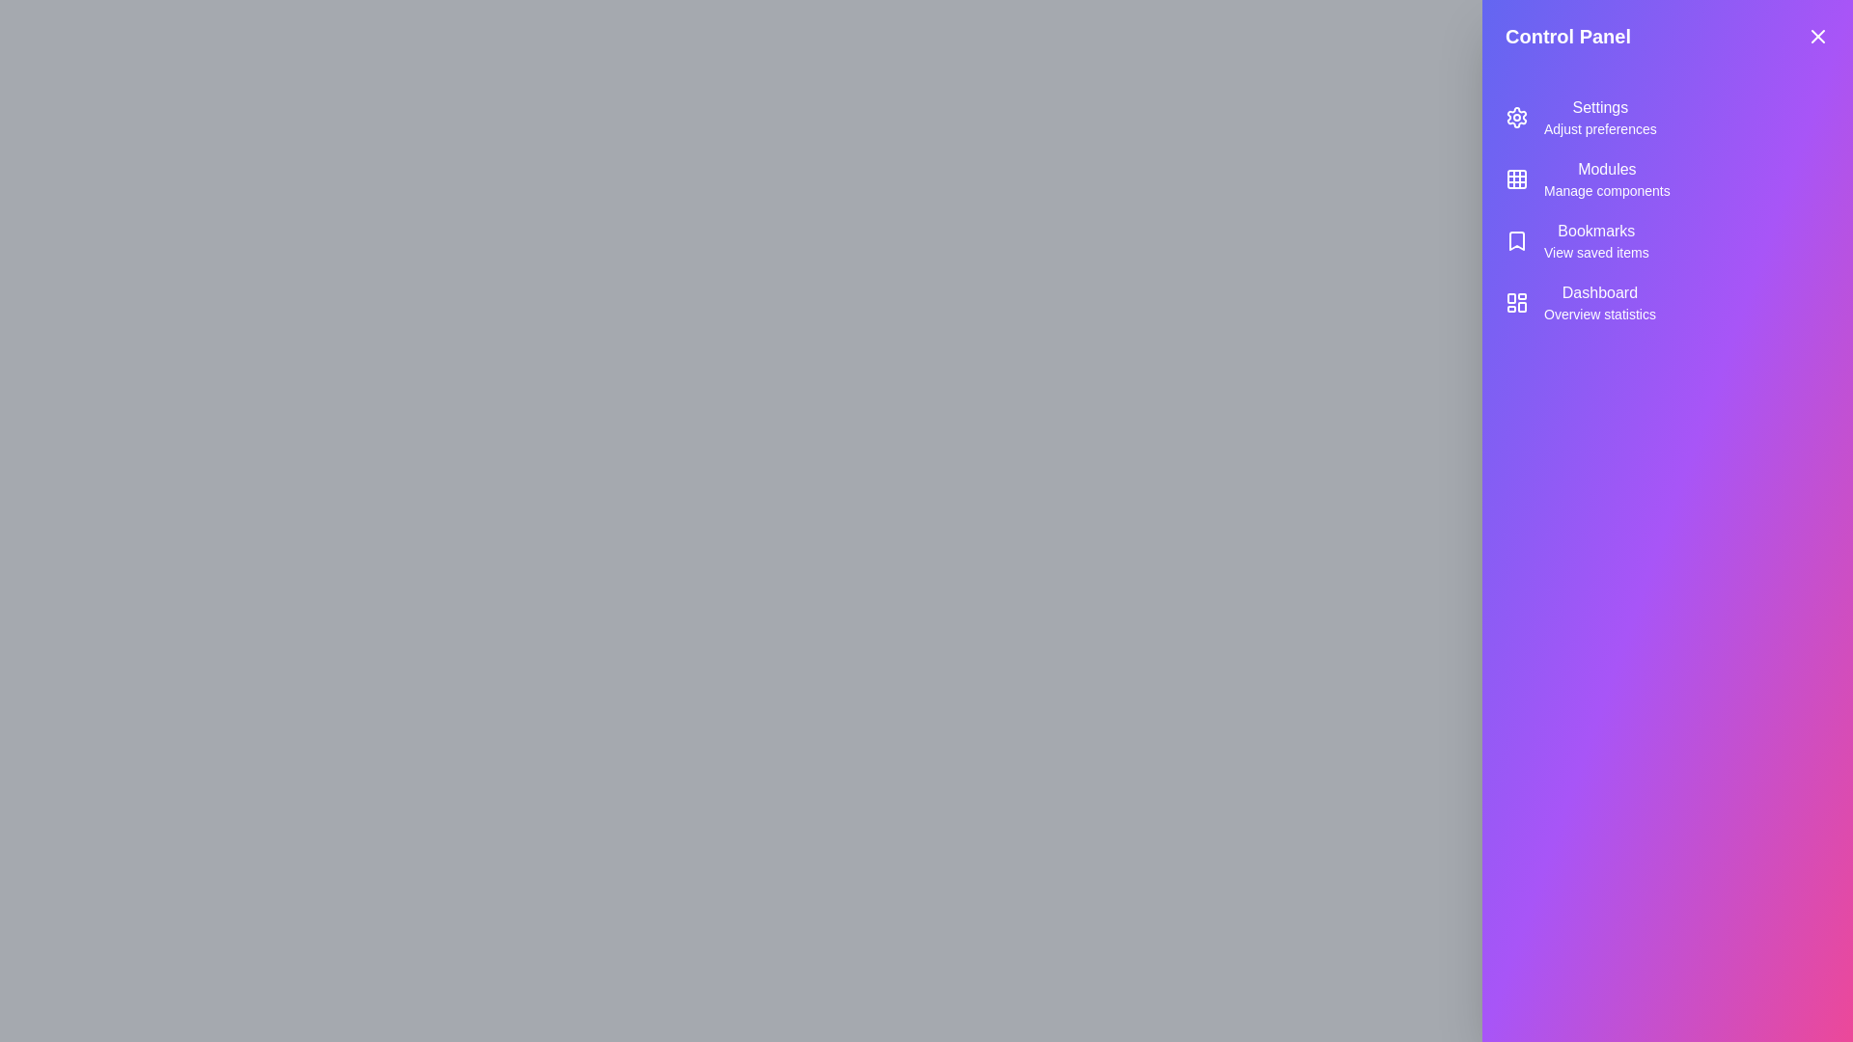 This screenshot has height=1042, width=1853. What do you see at coordinates (1515, 178) in the screenshot?
I see `the upper-left rectangle of the grid-based 'Modules' icon located in the sidebar menu` at bounding box center [1515, 178].